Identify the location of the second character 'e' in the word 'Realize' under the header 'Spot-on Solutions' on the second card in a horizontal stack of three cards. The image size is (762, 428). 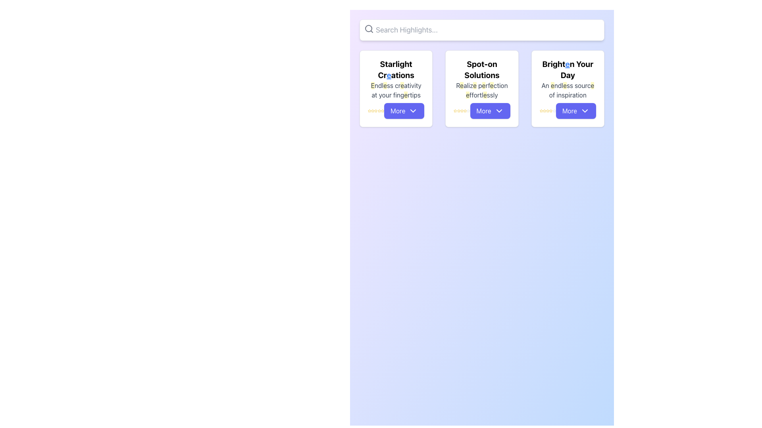
(462, 86).